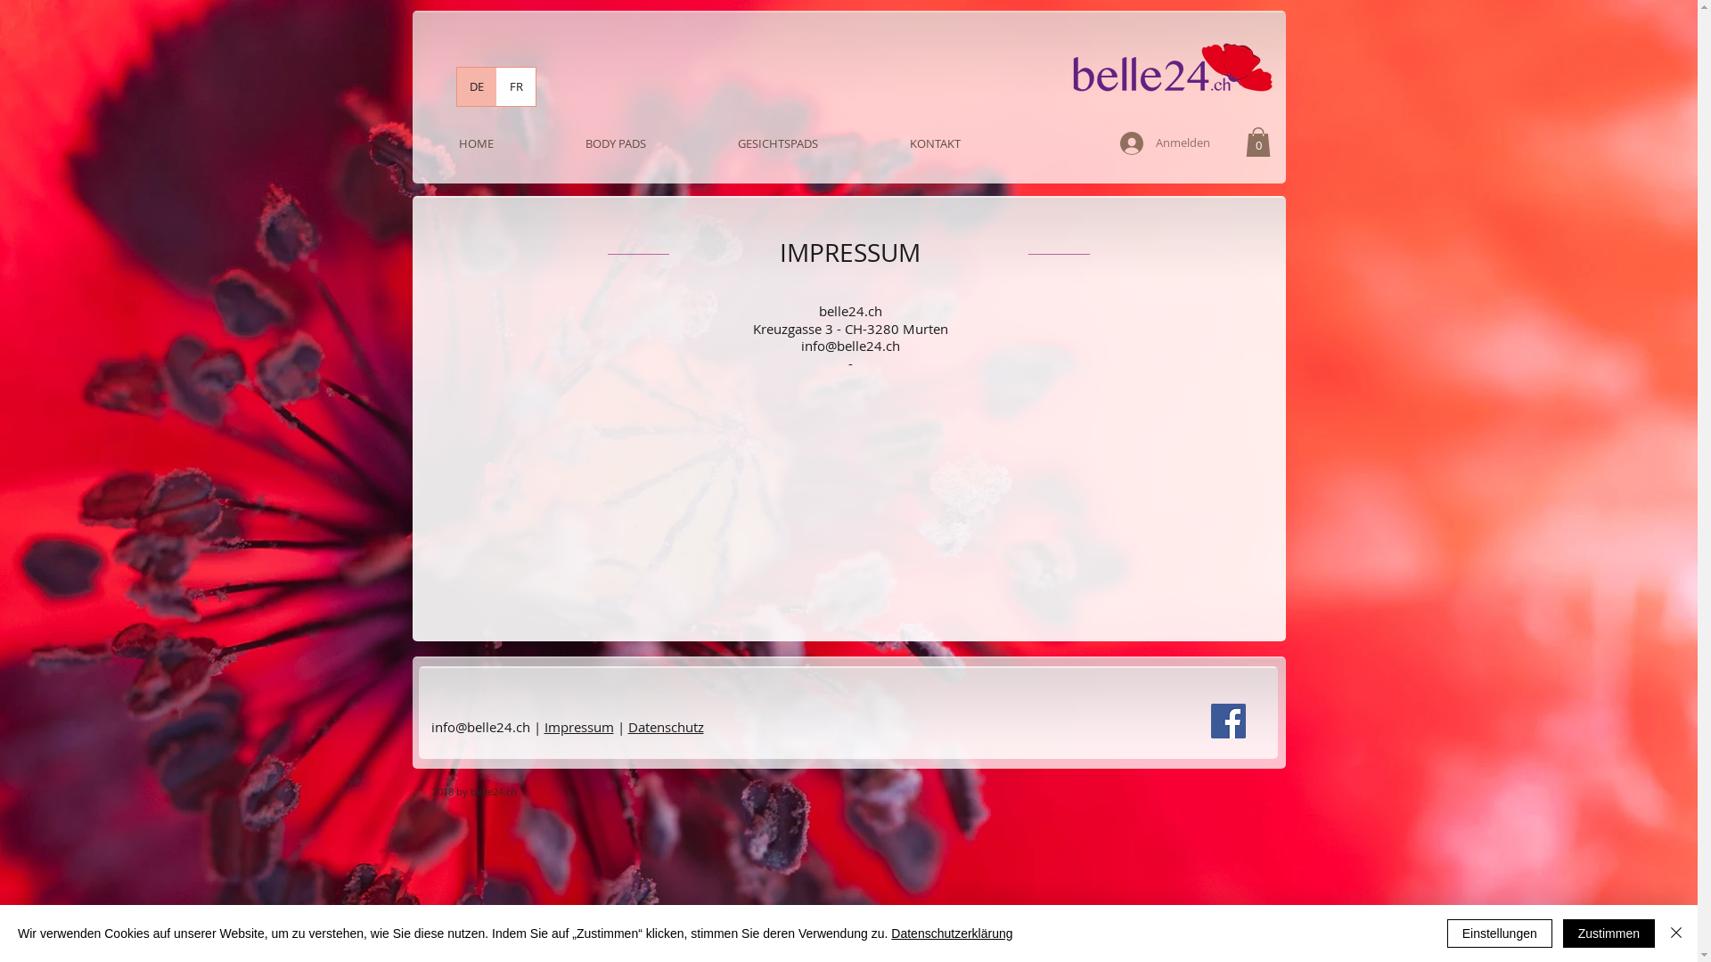  Describe the element at coordinates (616, 143) in the screenshot. I see `'BODY PADS'` at that location.